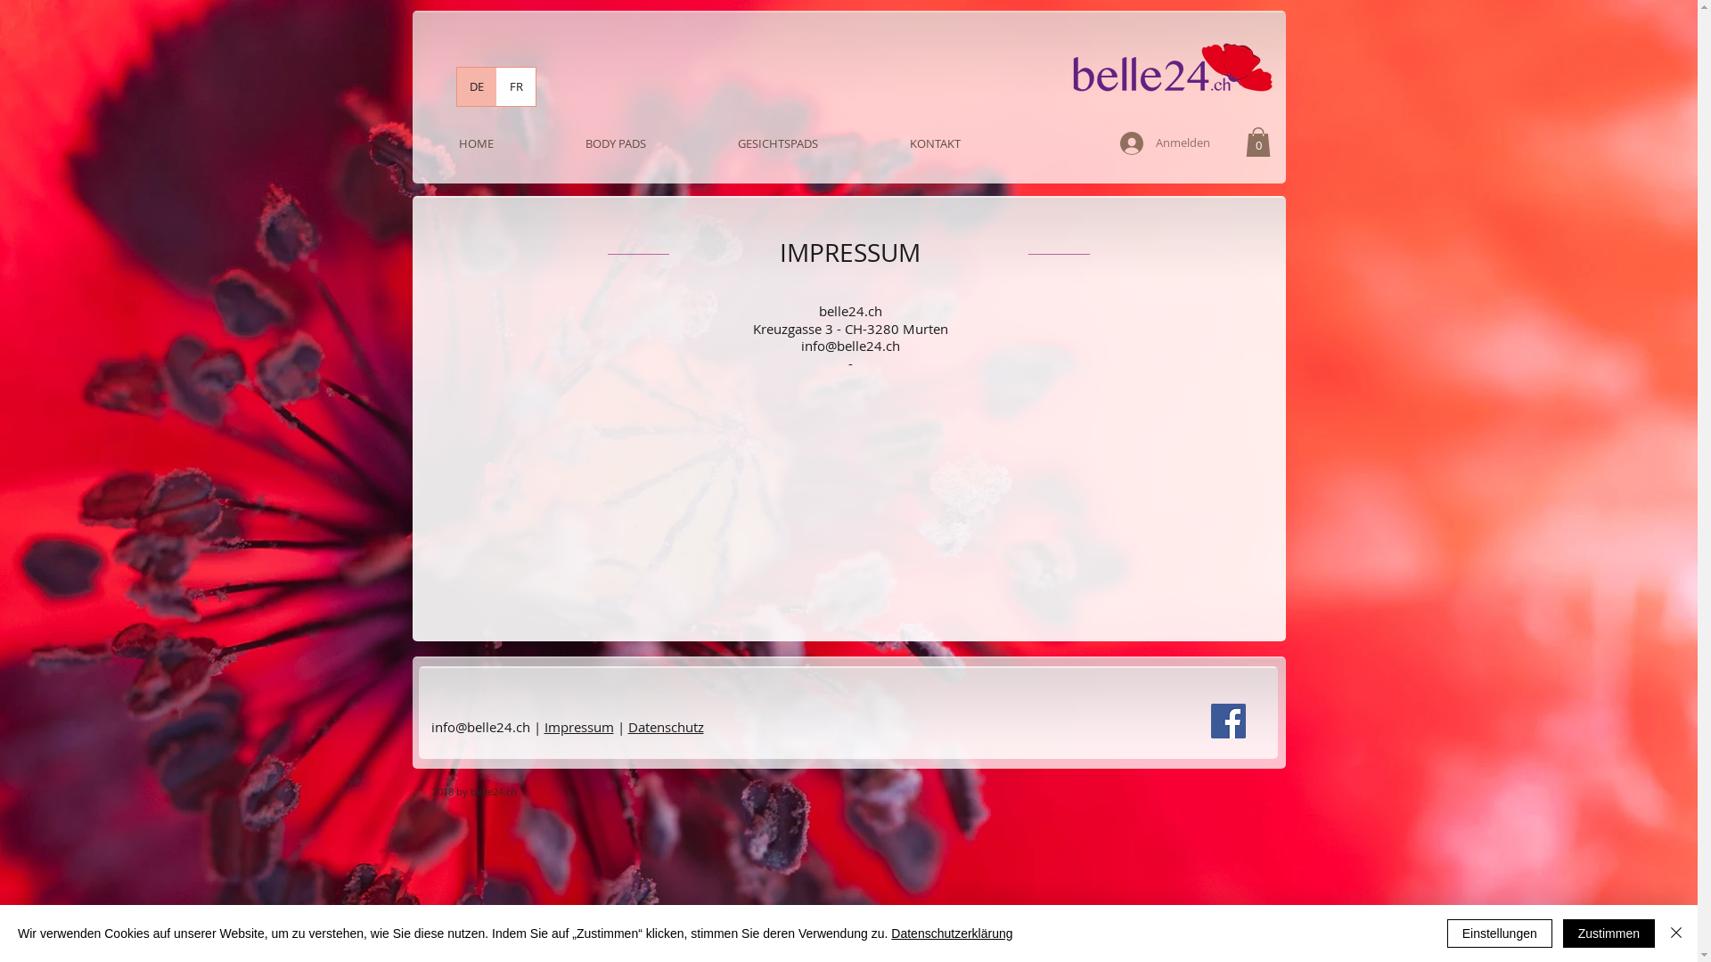  Describe the element at coordinates (616, 143) in the screenshot. I see `'BODY PADS'` at that location.